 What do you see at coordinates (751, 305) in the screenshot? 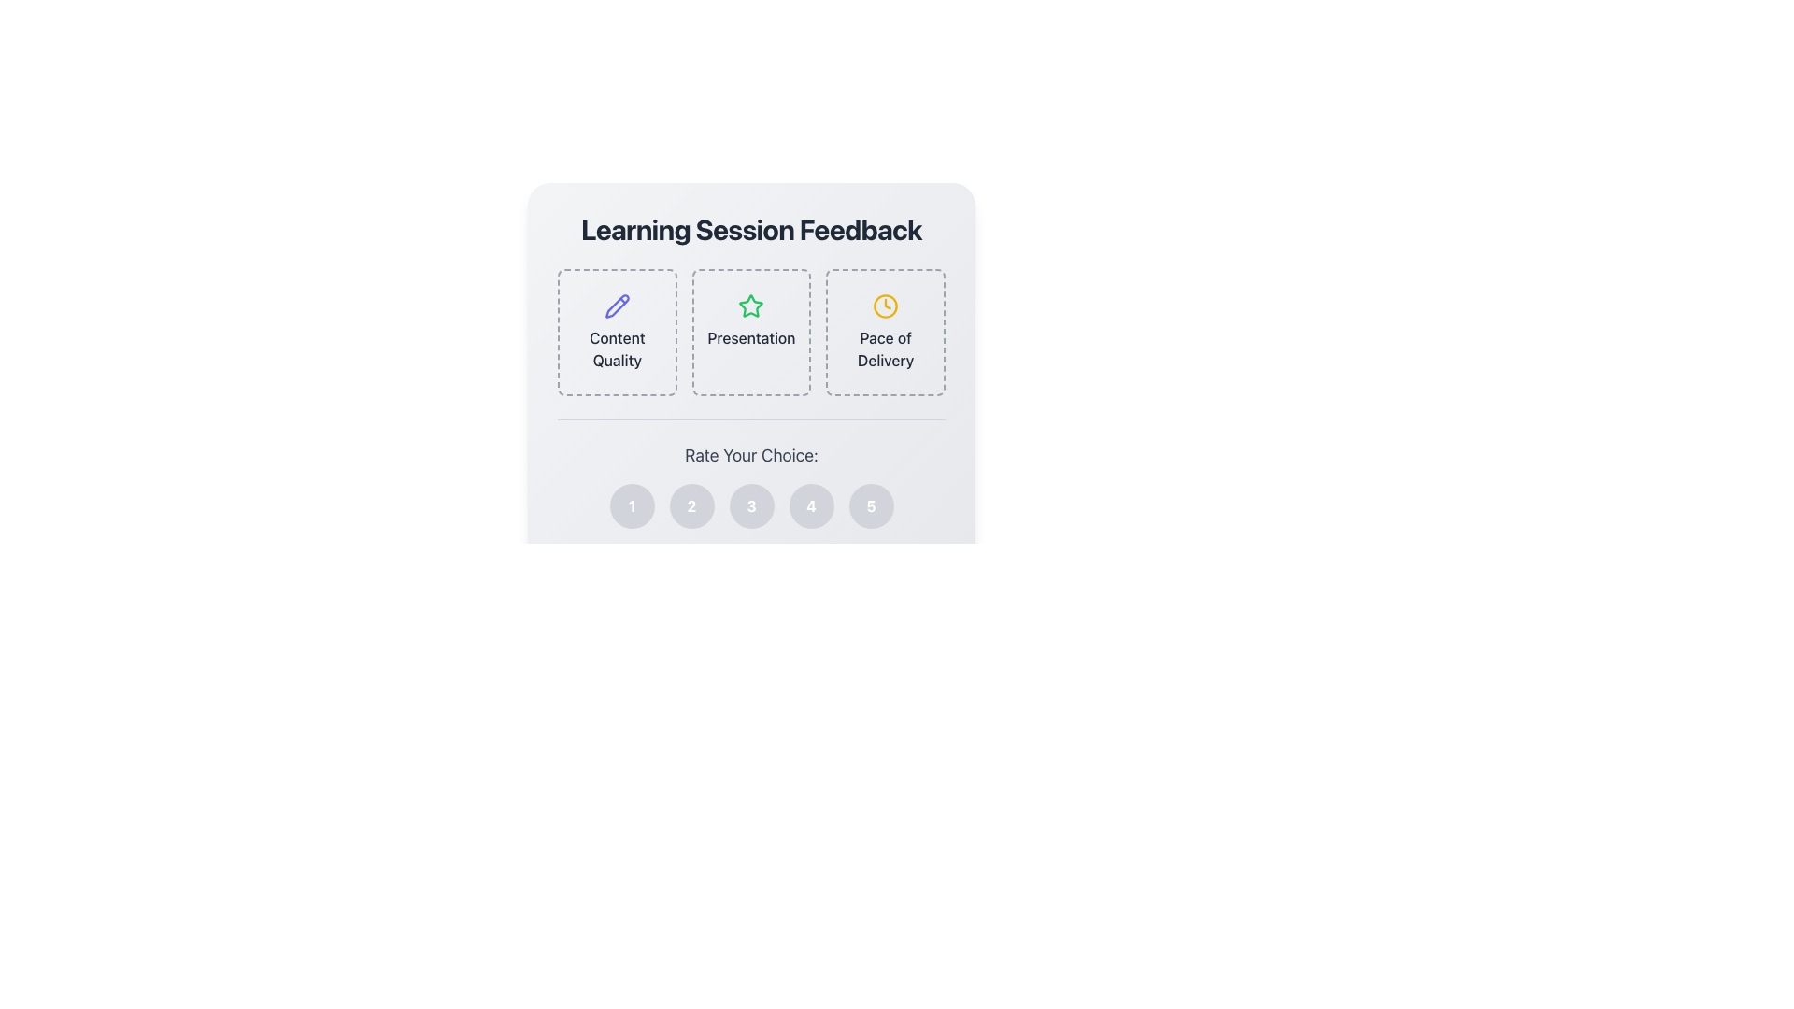
I see `the green star icon with a hollow center` at bounding box center [751, 305].